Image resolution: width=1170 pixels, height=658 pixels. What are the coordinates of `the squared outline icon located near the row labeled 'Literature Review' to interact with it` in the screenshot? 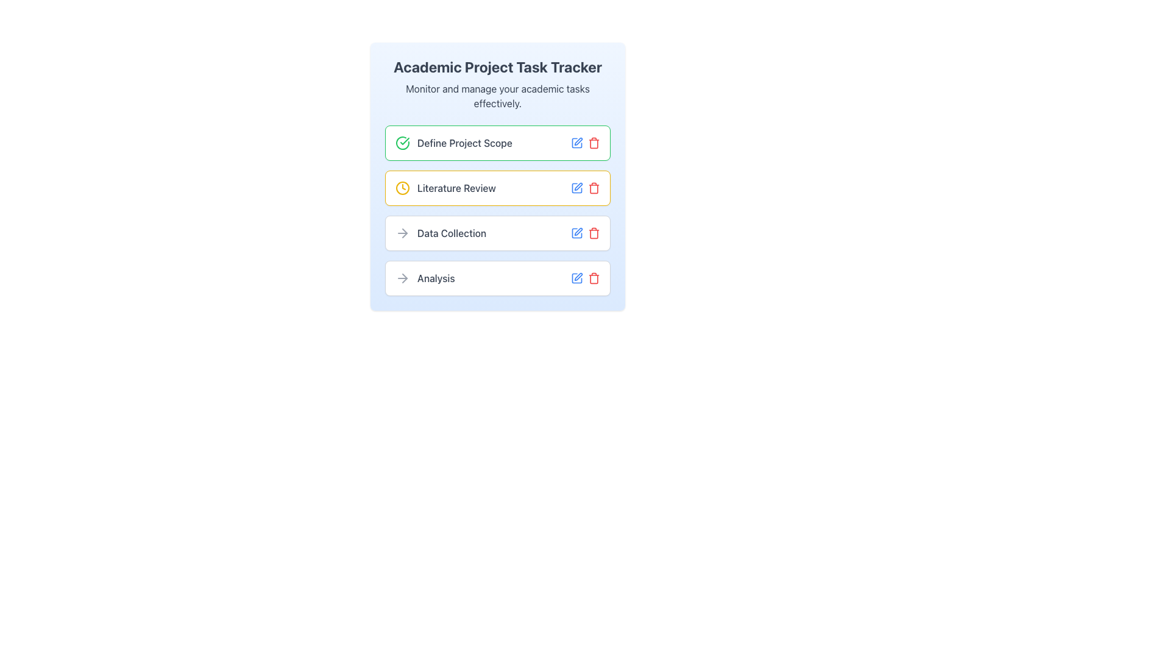 It's located at (576, 188).